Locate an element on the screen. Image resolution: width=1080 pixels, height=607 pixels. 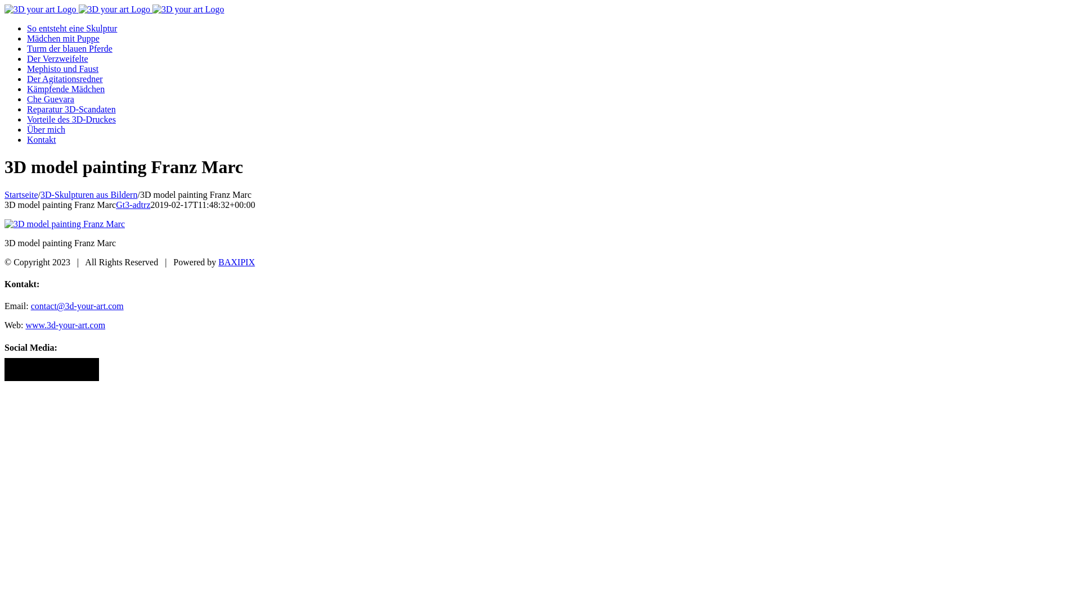
'Vorteile des 3D-Druckes' is located at coordinates (70, 119).